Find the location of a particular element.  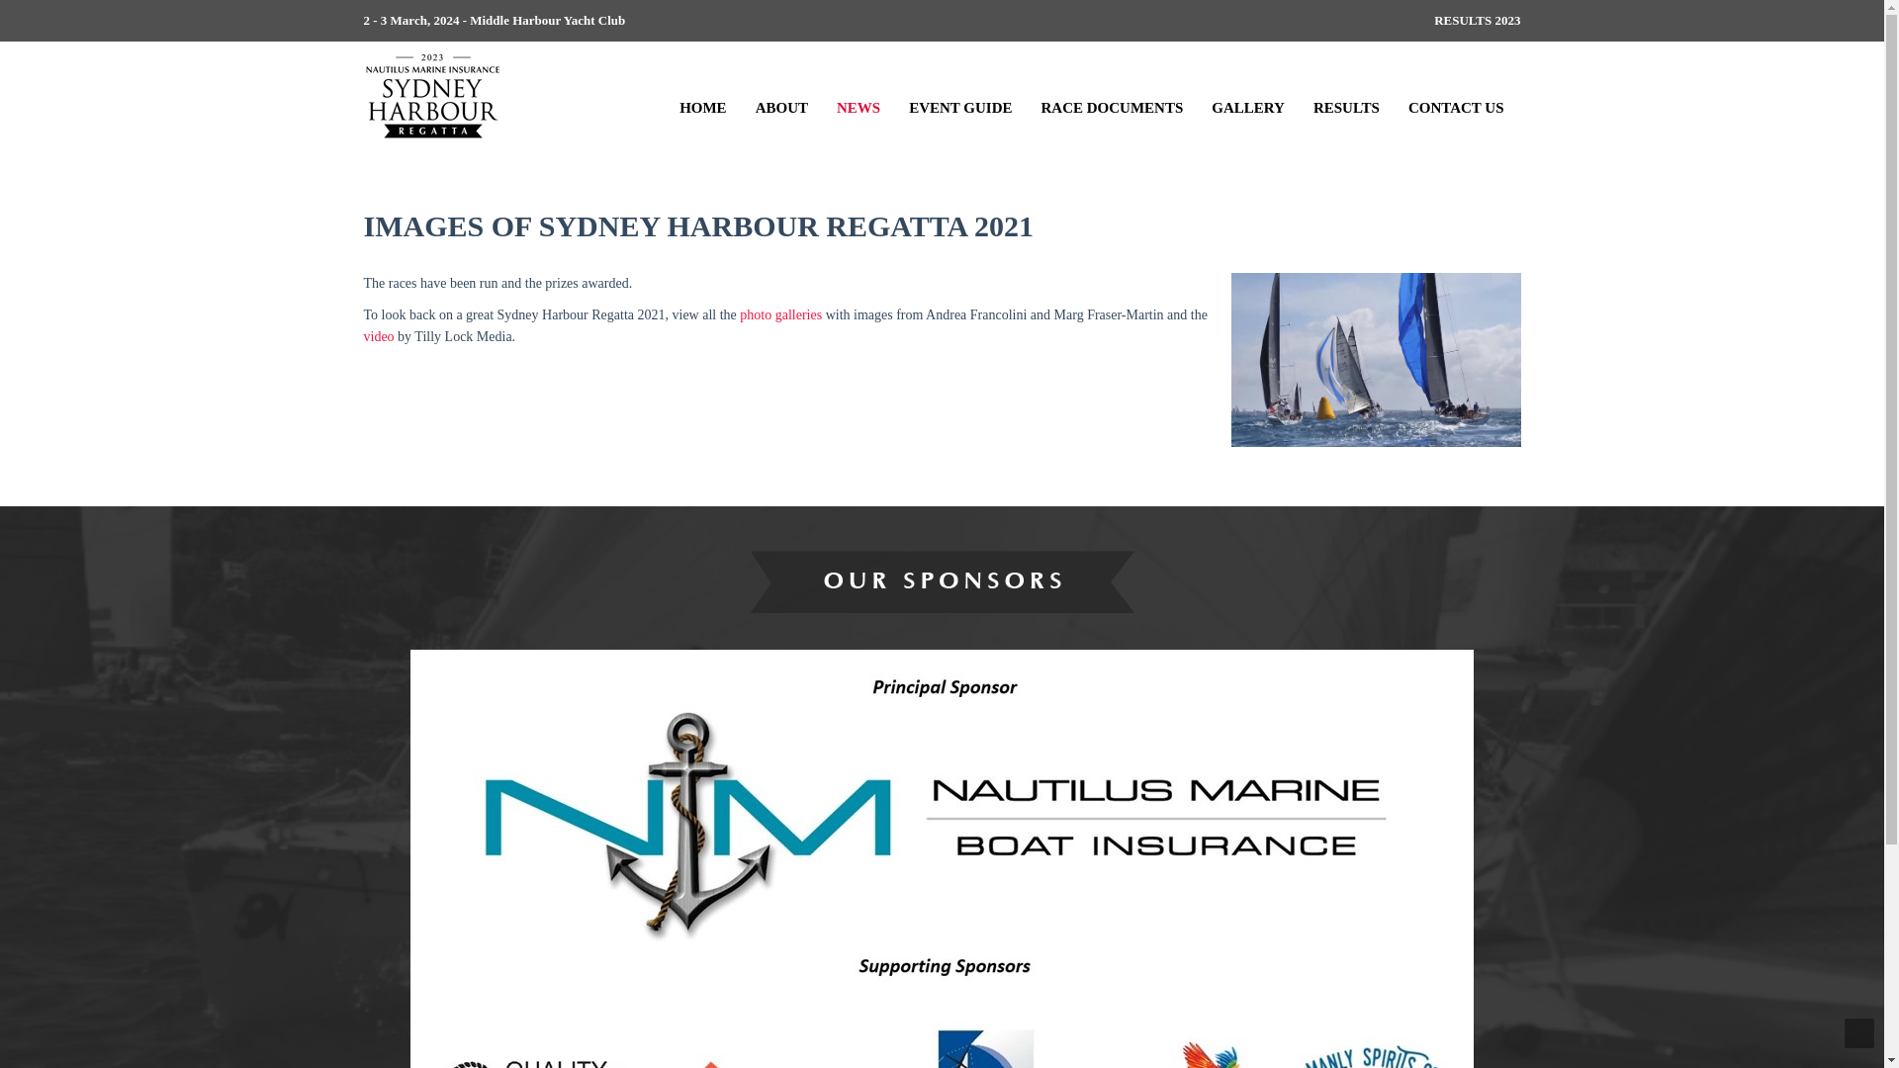

'video' is located at coordinates (379, 335).